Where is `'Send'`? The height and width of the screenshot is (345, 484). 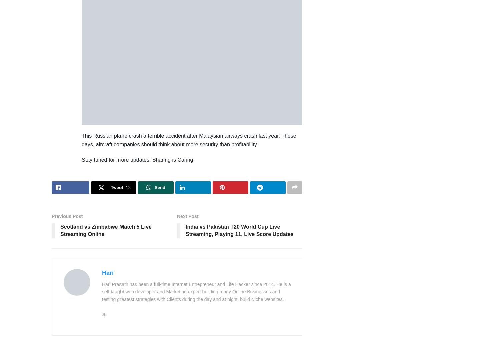 'Send' is located at coordinates (154, 187).